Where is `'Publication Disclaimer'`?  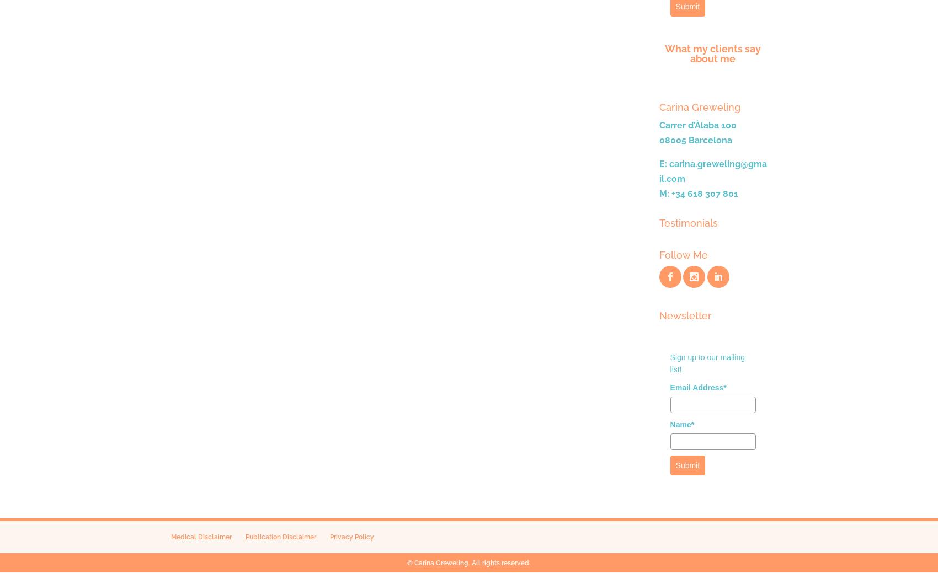 'Publication Disclaimer' is located at coordinates (280, 537).